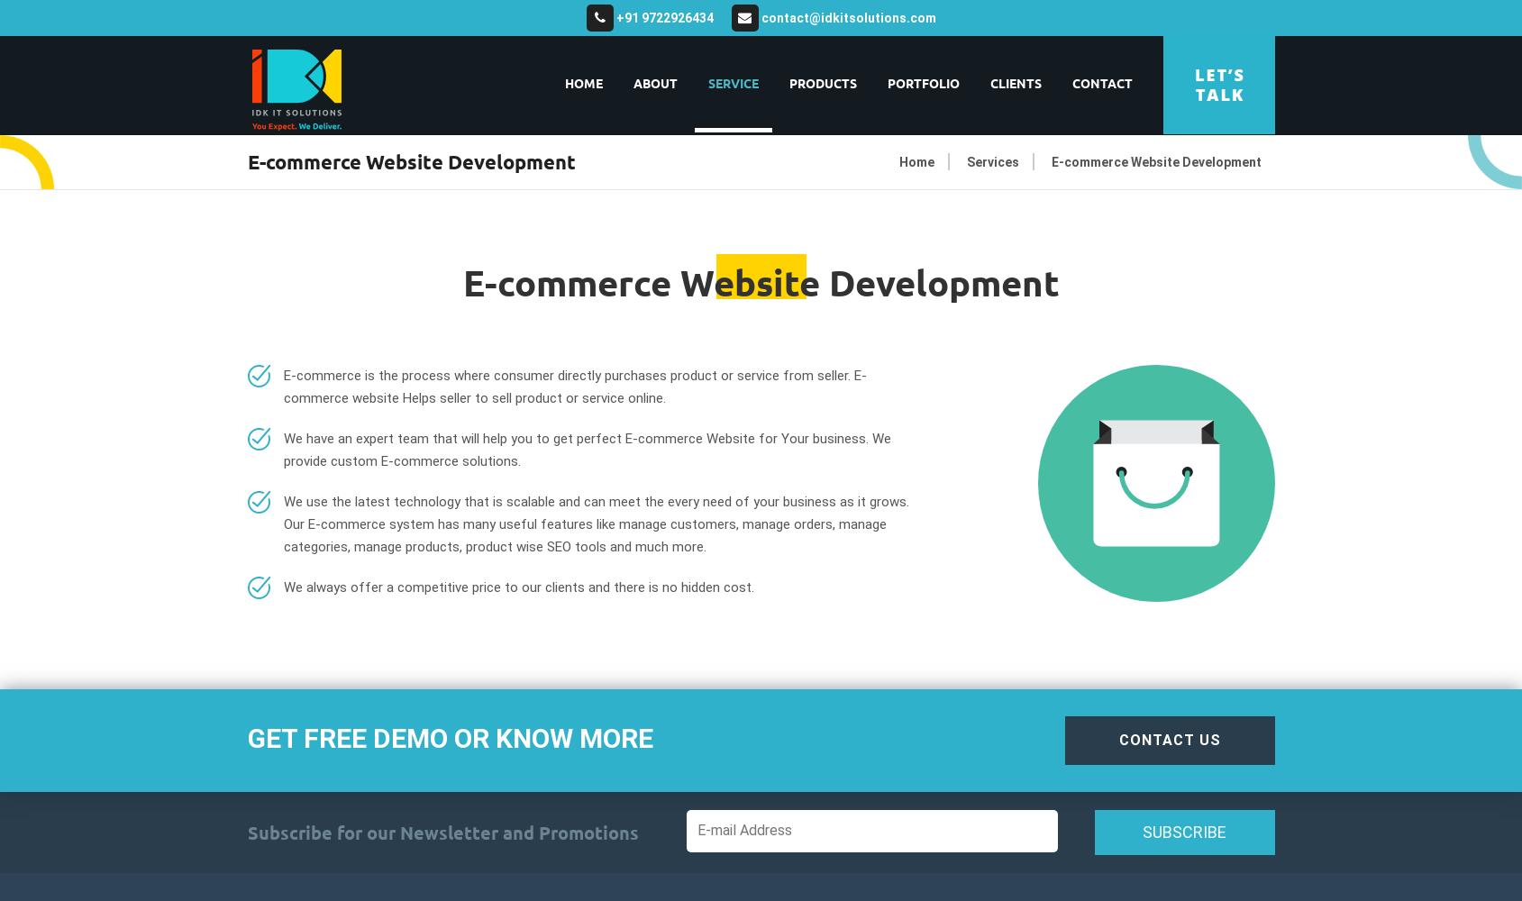 This screenshot has height=901, width=1522. Describe the element at coordinates (845, 18) in the screenshot. I see `'contact@idkitsolutions.com'` at that location.